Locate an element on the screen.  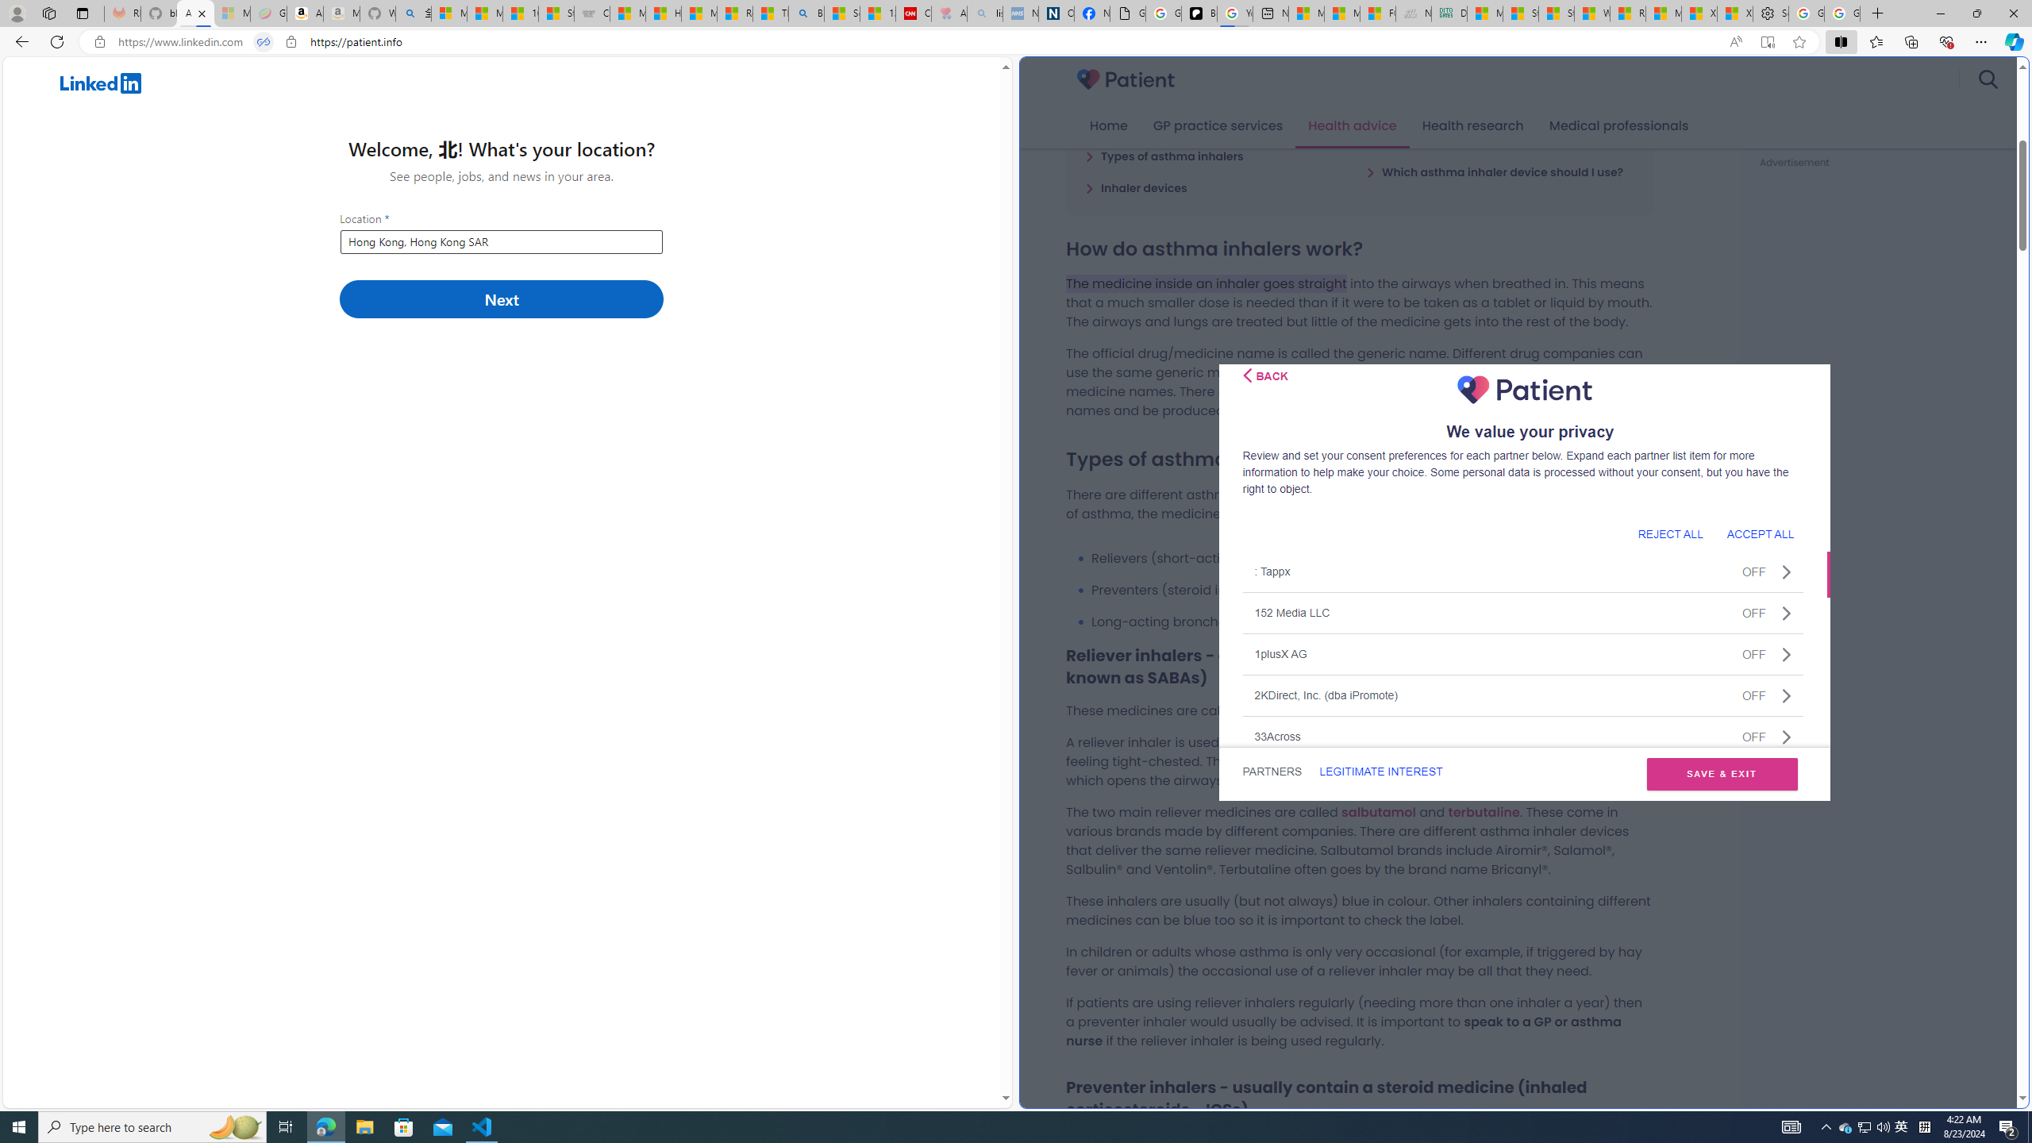
'Arthritis: Ask Health Professionals - Sleeping' is located at coordinates (948, 13).